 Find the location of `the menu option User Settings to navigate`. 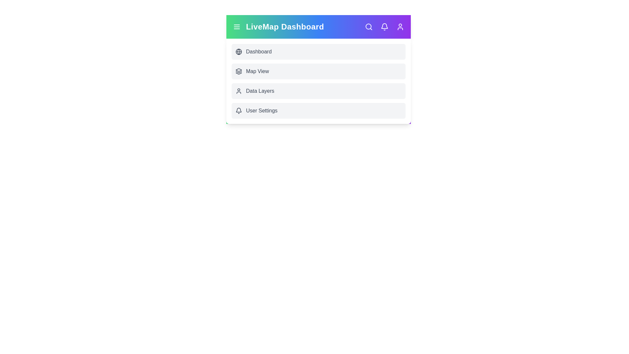

the menu option User Settings to navigate is located at coordinates (318, 110).